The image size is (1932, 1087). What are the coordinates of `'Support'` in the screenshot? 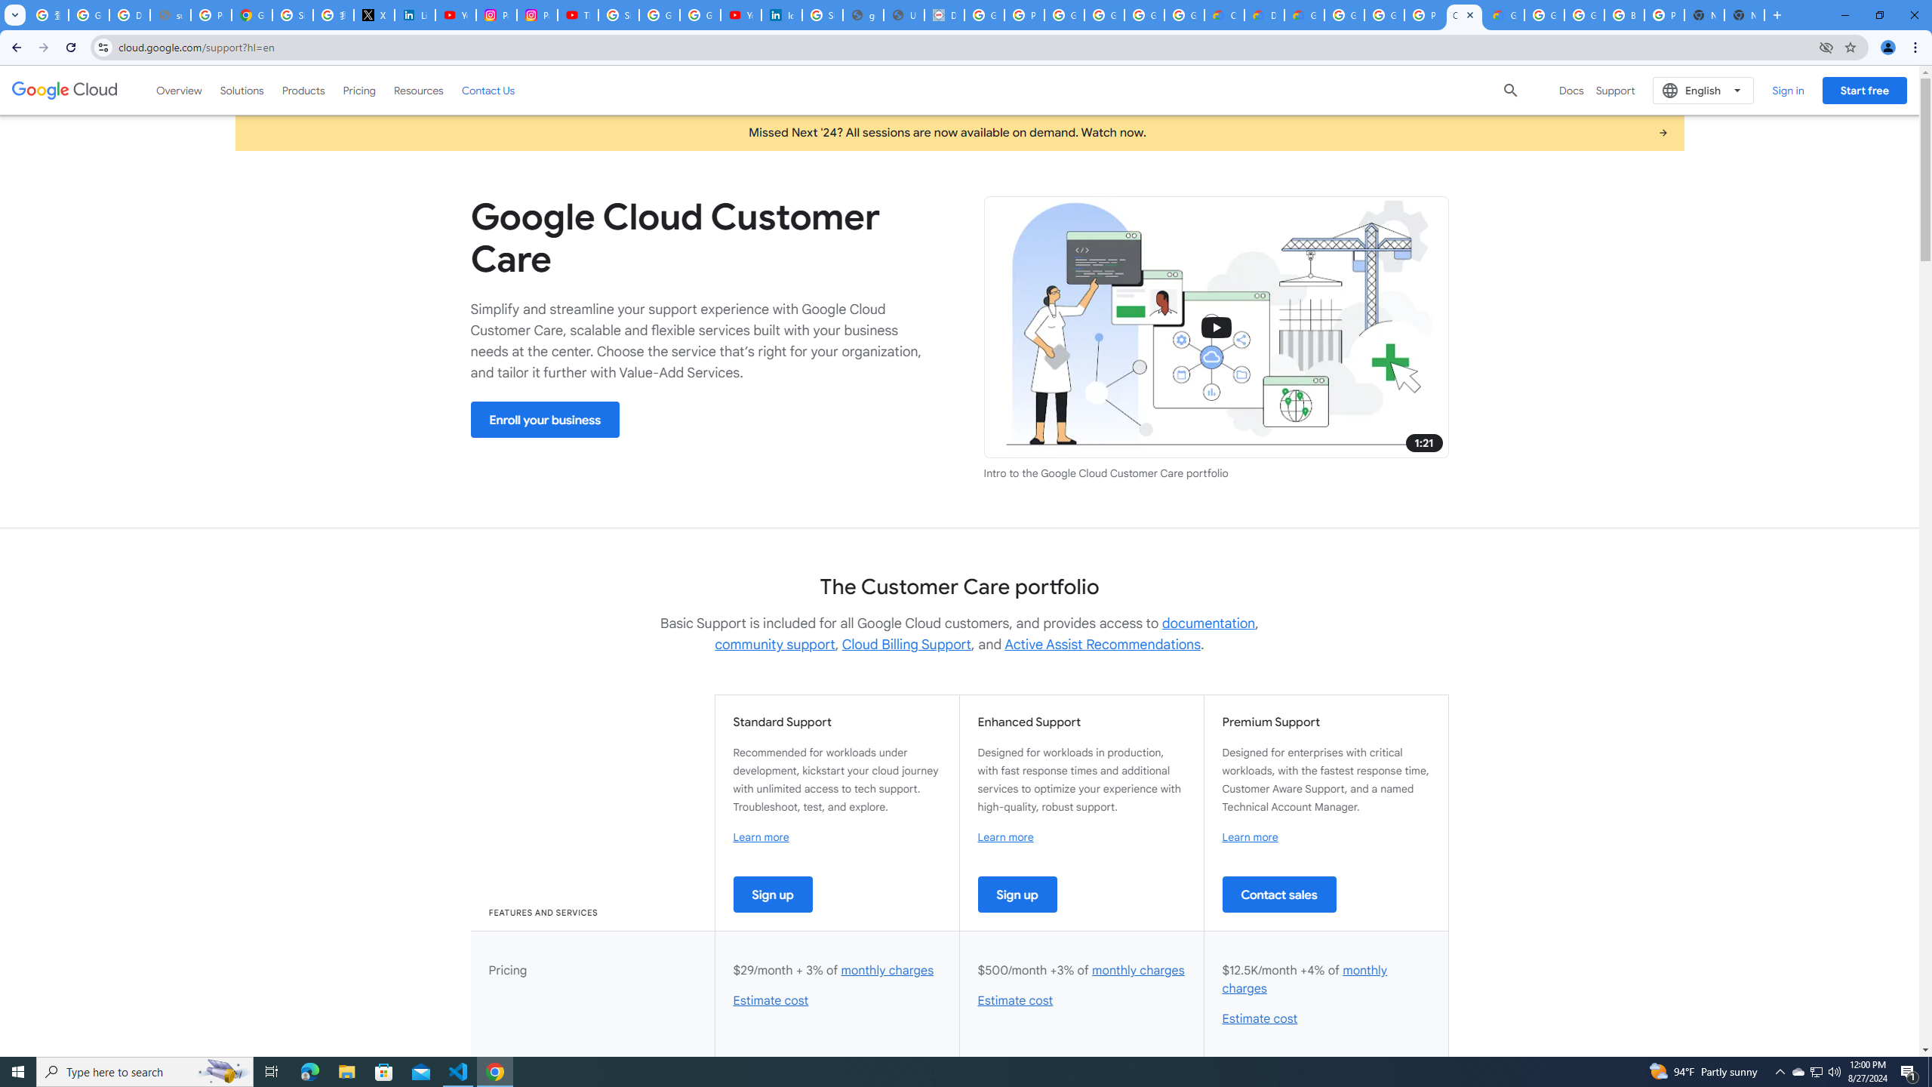 It's located at (1615, 89).